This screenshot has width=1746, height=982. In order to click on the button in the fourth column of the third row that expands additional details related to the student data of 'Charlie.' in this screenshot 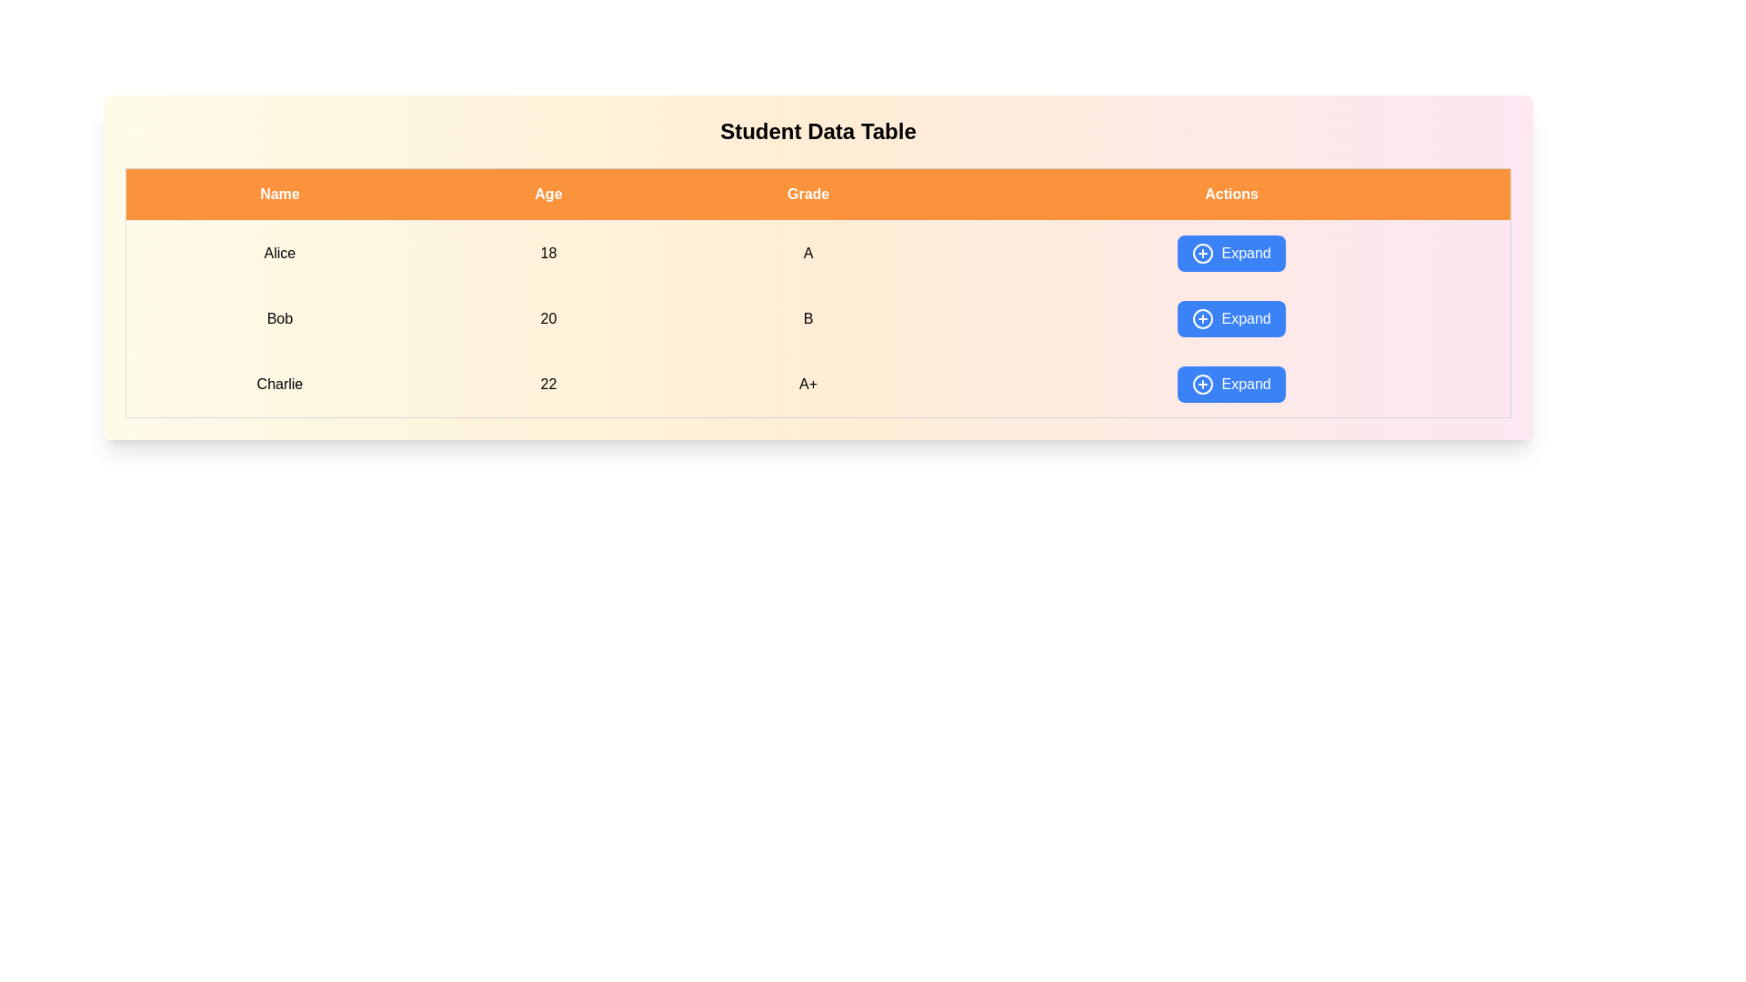, I will do `click(1231, 384)`.